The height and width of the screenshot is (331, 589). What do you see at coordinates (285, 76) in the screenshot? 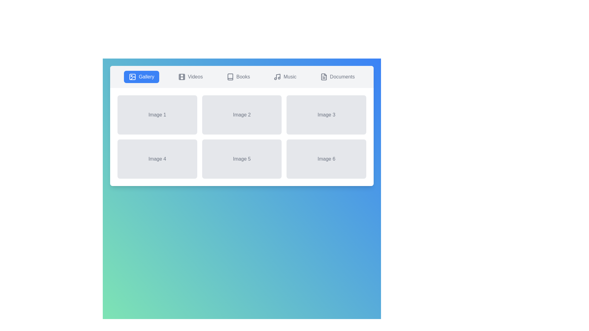
I see `the 'Music' navigation button in the horizontal navigation bar to redirect to the music section of the application` at bounding box center [285, 76].